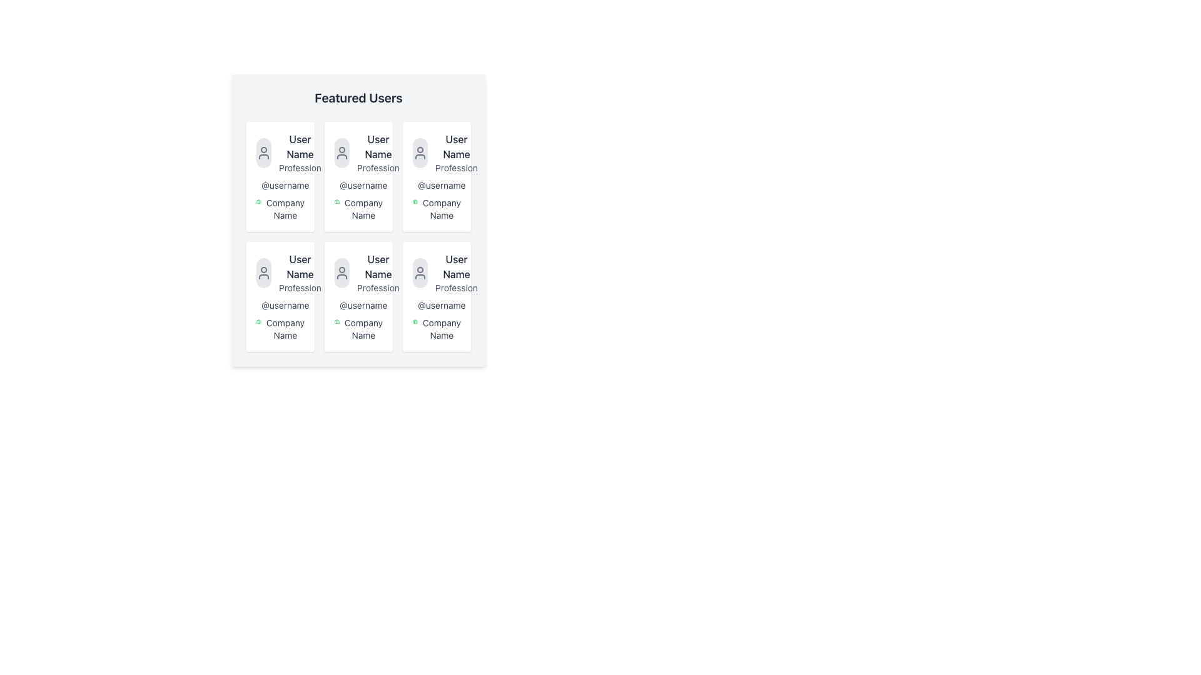 The height and width of the screenshot is (675, 1201). What do you see at coordinates (358, 209) in the screenshot?
I see `the static text label displaying the user's associated company name, which is located in the third card of the first row, below the '@username' text` at bounding box center [358, 209].